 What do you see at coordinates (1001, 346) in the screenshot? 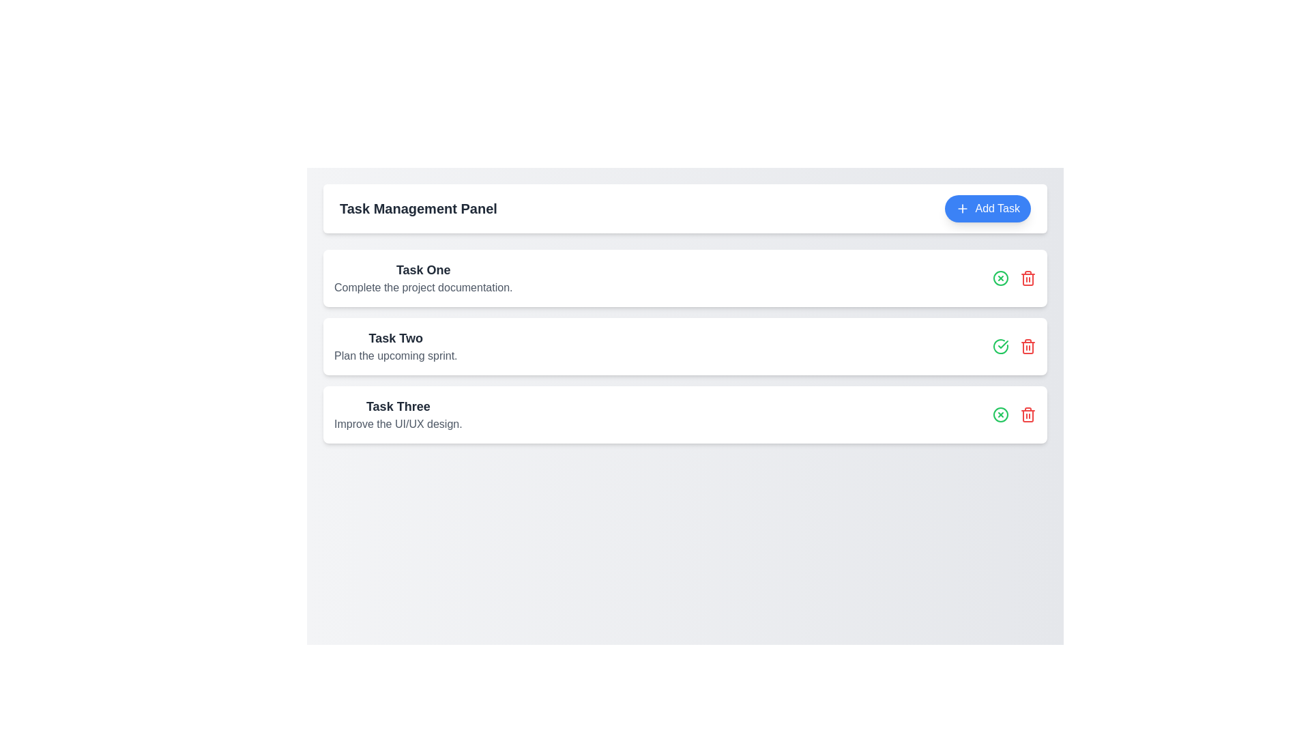
I see `the upper-left part of the checkmark icon inside a circle, which indicates a completed task status` at bounding box center [1001, 346].